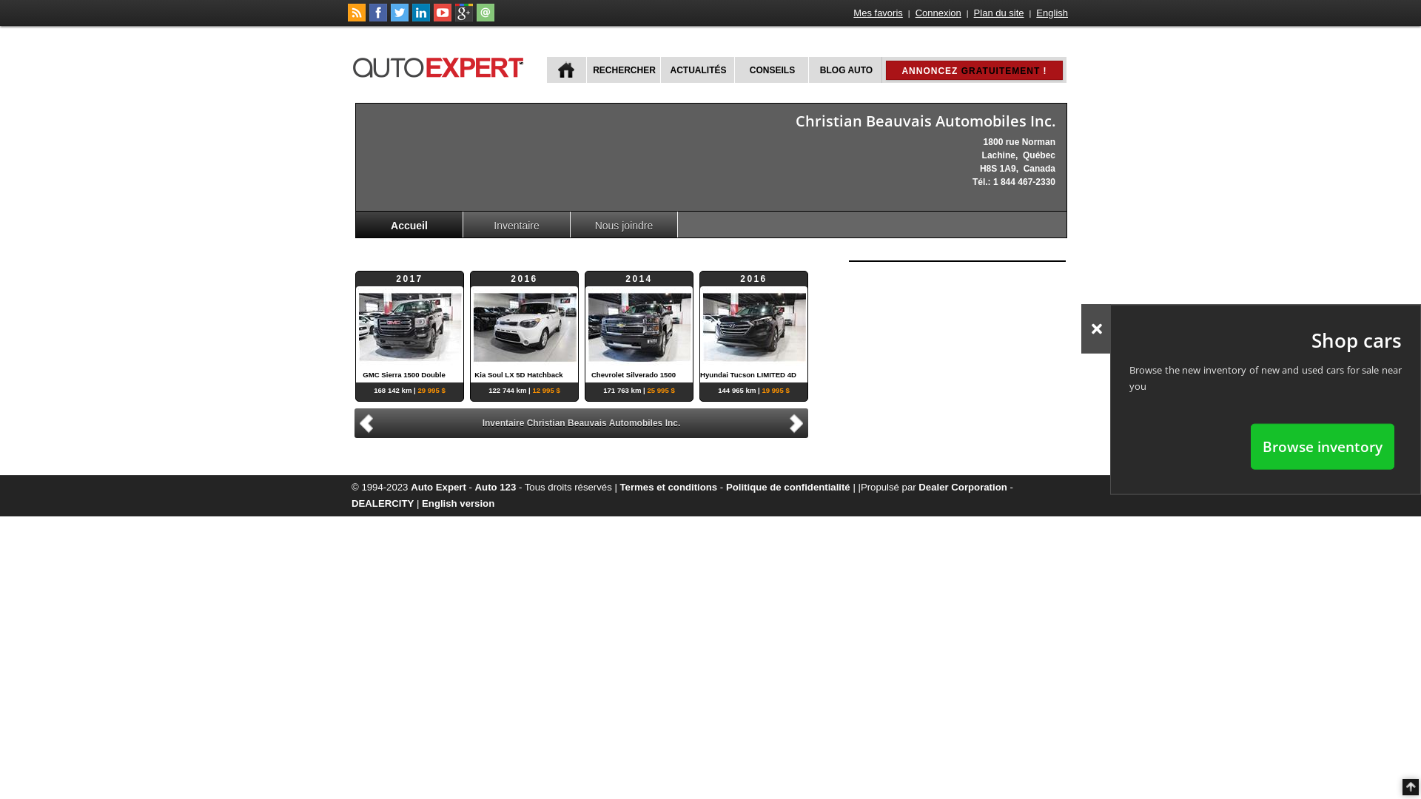  What do you see at coordinates (546, 70) in the screenshot?
I see `'ACCUEIL'` at bounding box center [546, 70].